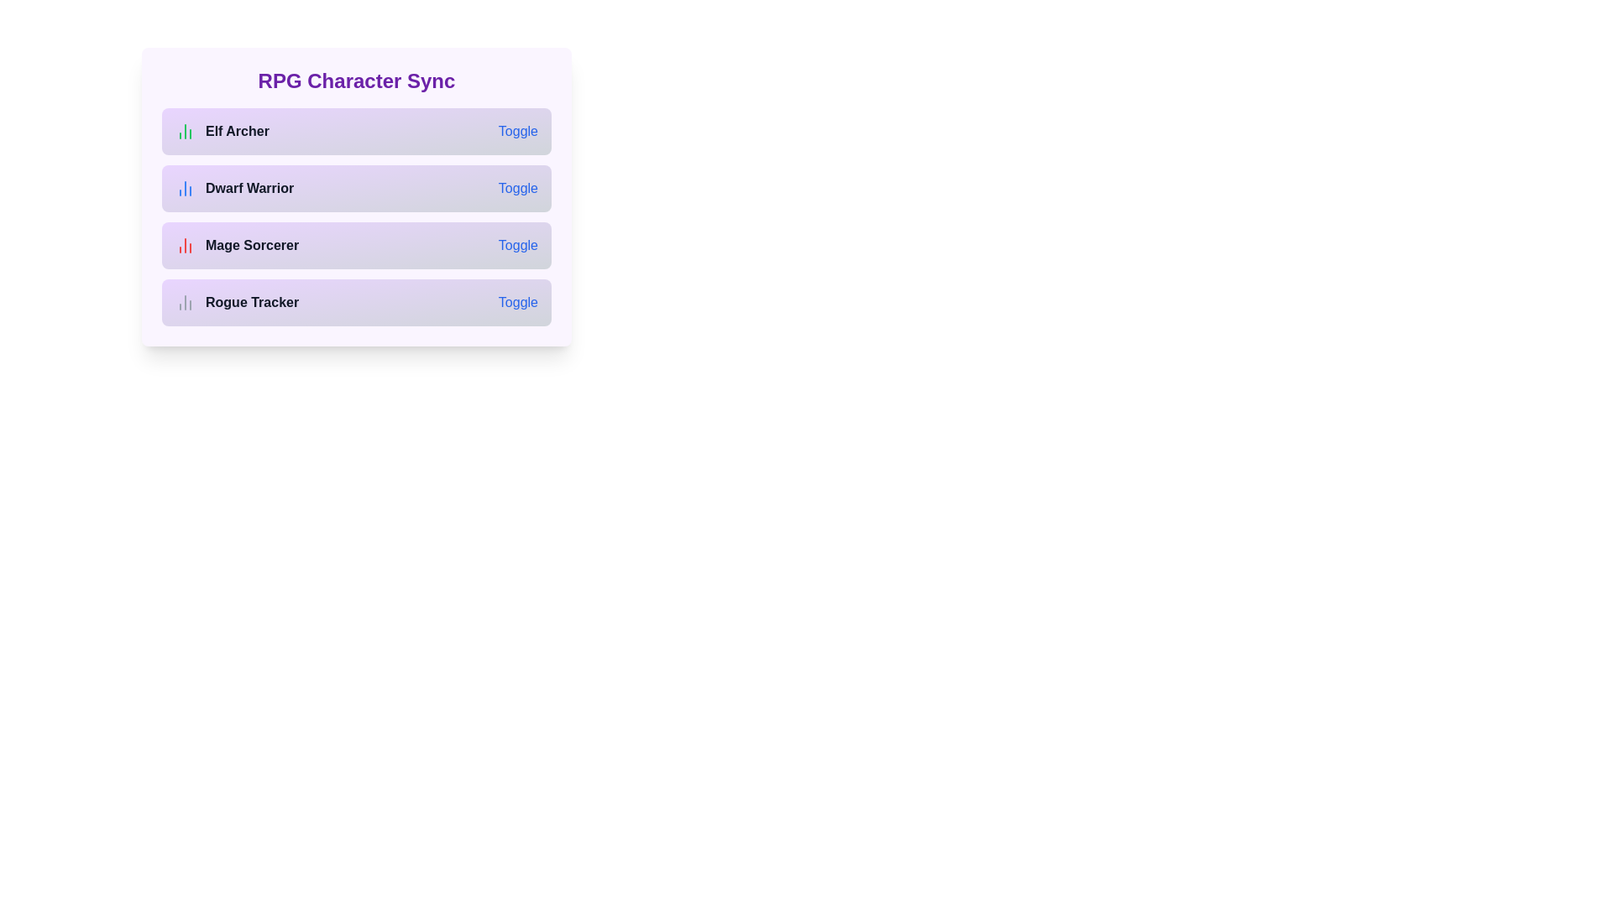 The height and width of the screenshot is (906, 1612). What do you see at coordinates (185, 131) in the screenshot?
I see `the 'Elf Archer' icon located at the leftmost side of the first row in the 'RPG Character Sync' section` at bounding box center [185, 131].